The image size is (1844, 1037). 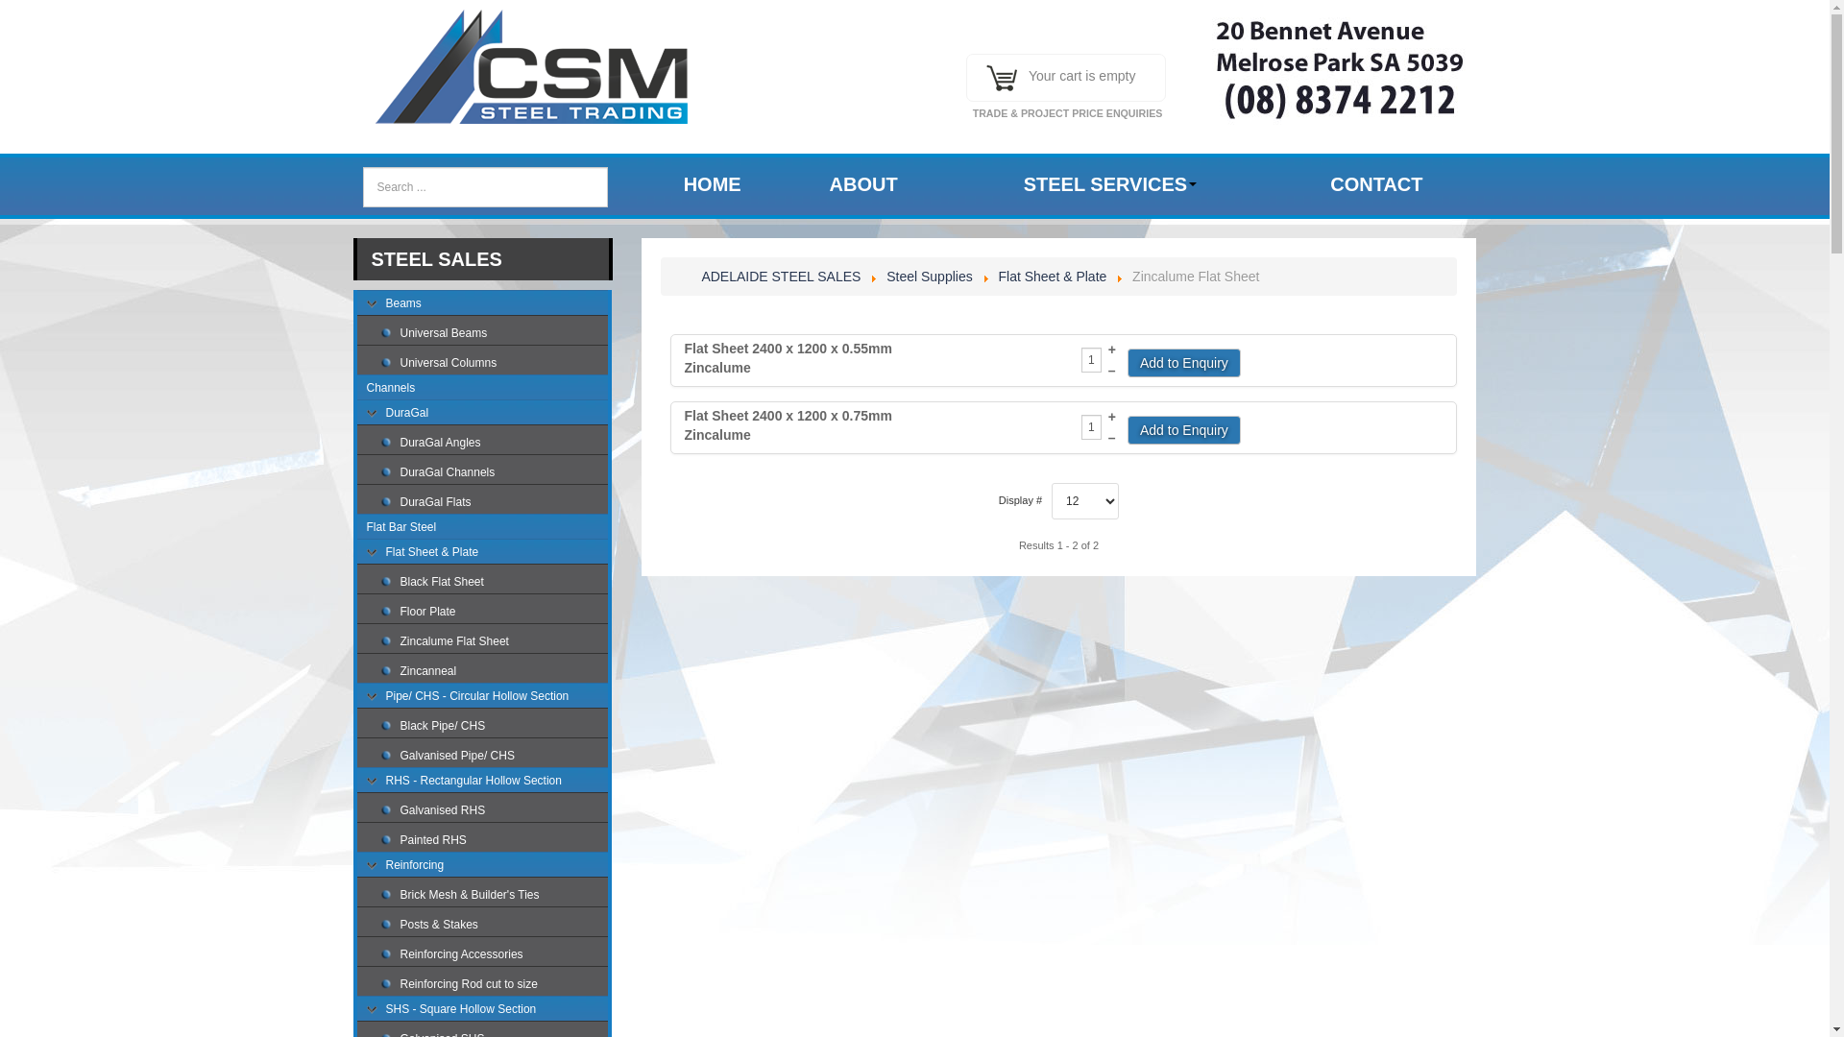 What do you see at coordinates (483, 414) in the screenshot?
I see `'DuraGal'` at bounding box center [483, 414].